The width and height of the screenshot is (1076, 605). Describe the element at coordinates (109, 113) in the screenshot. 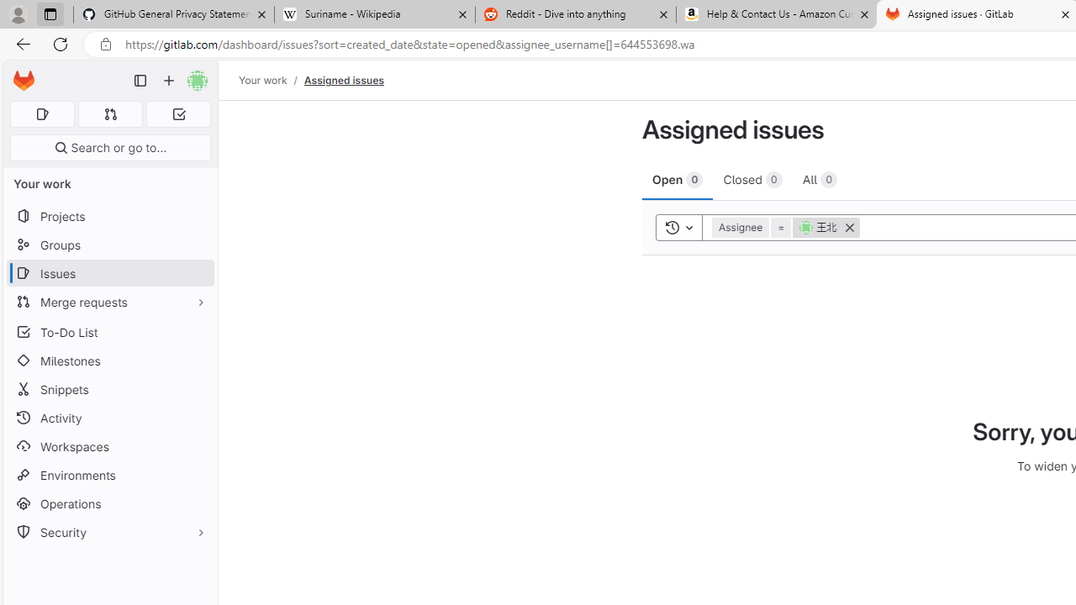

I see `'Merge requests 0'` at that location.